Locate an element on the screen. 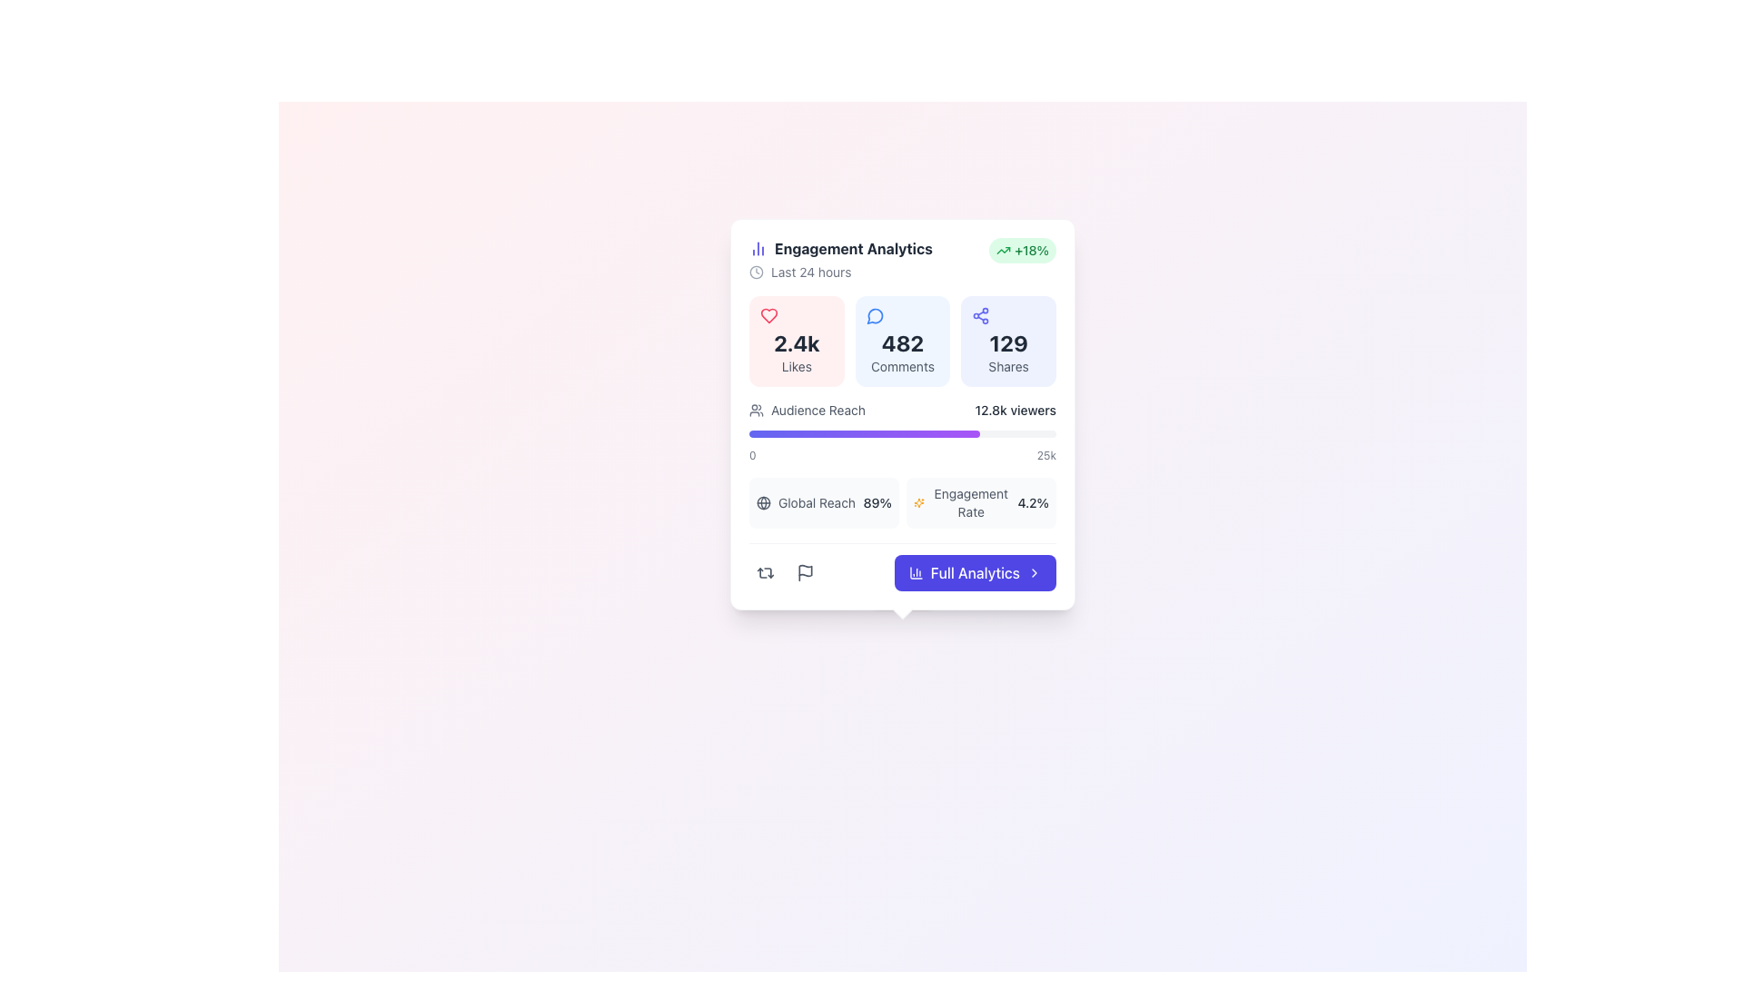 The width and height of the screenshot is (1744, 981). the 'Last 24 hours' label which is styled in subtle gray and accompanied by a small clock icon, located directly below the 'Engagement Analytics' header is located at coordinates (840, 272).